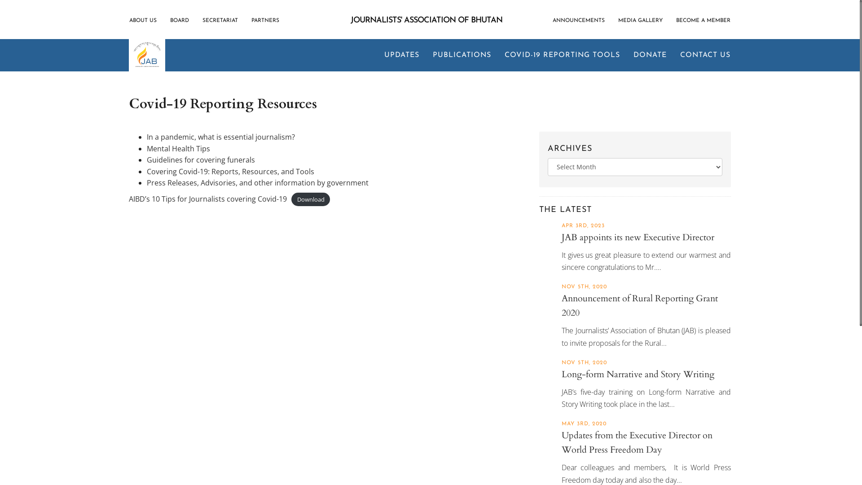 Image resolution: width=862 pixels, height=485 pixels. I want to click on 'In a pandemic, what is essential journalism?', so click(220, 137).